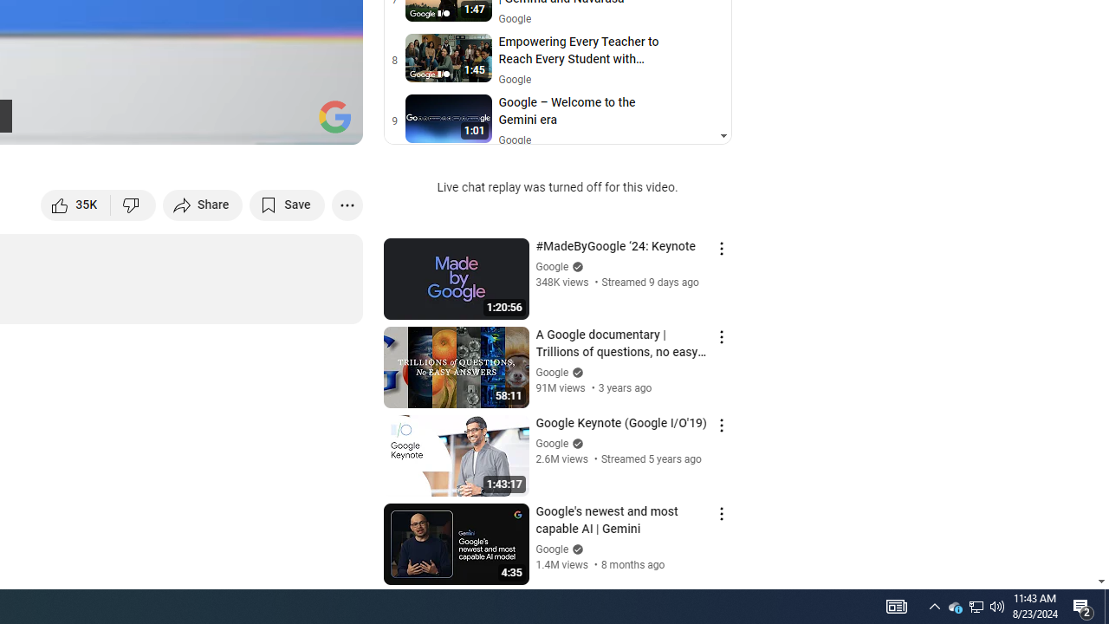 This screenshot has height=624, width=1109. I want to click on 'like this video along with 35,367 other people', so click(75, 204).